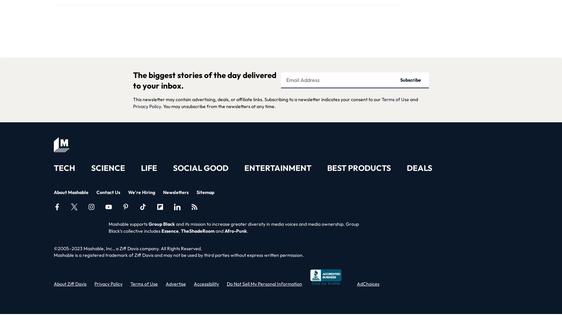  I want to click on 'and its mission to increase greater diversity in media voices and media ownership. Group Black's collective includes', so click(108, 227).